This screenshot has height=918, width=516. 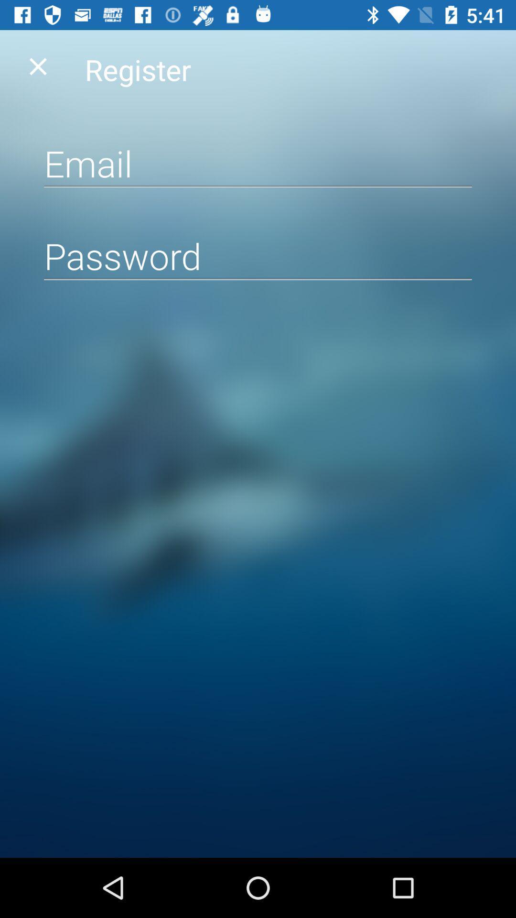 I want to click on input email, so click(x=258, y=163).